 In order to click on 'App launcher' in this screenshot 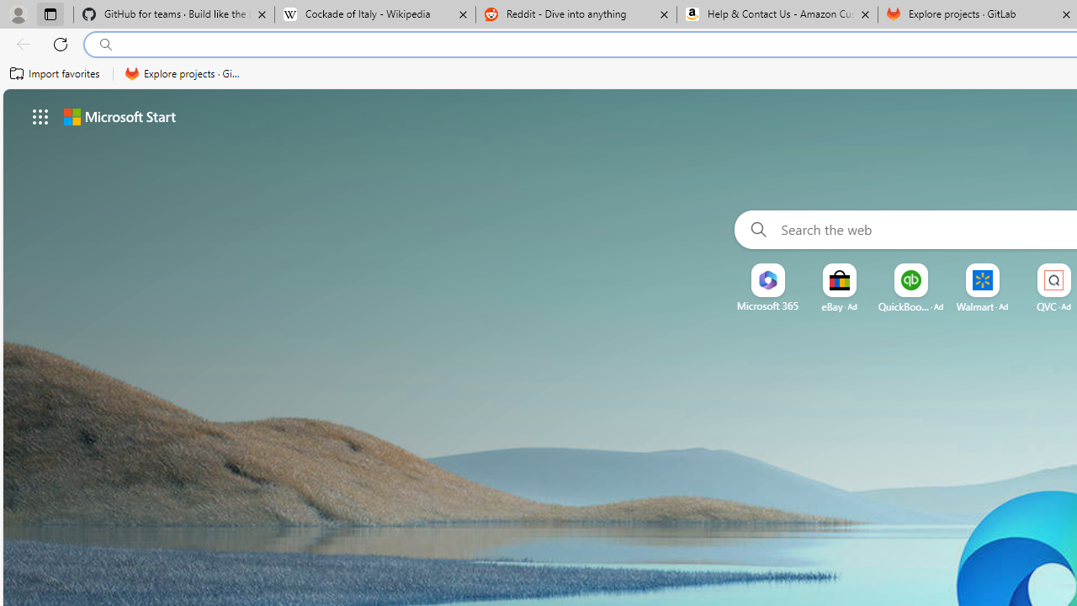, I will do `click(40, 115)`.